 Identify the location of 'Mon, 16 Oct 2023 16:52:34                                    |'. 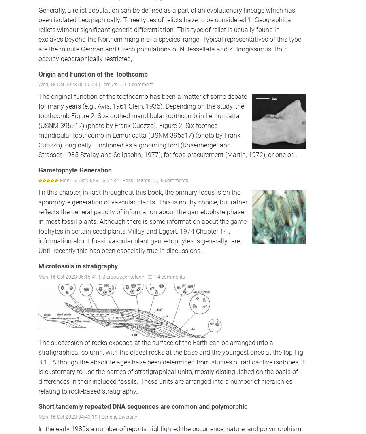
(91, 180).